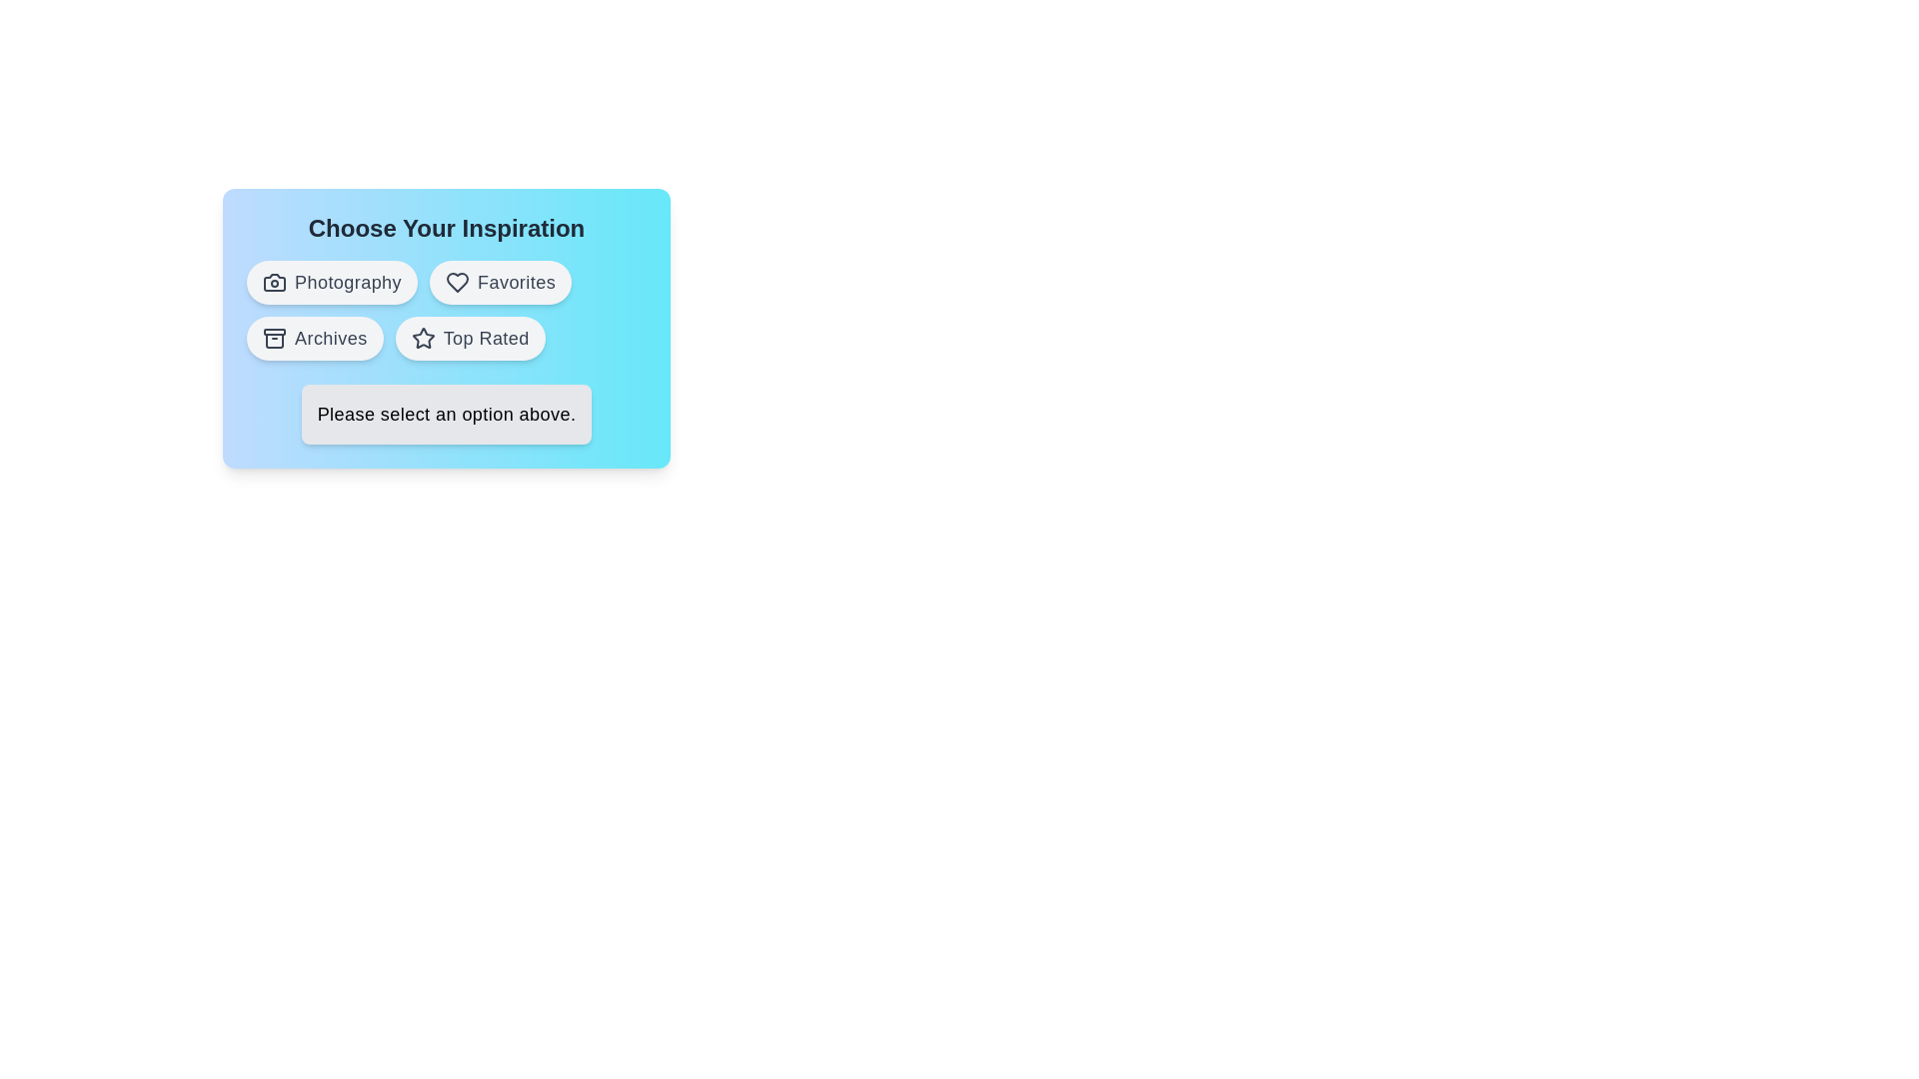 Image resolution: width=1919 pixels, height=1079 pixels. What do you see at coordinates (457, 282) in the screenshot?
I see `the 'Favorites' icon located within the button labeled 'Favorites' in the selection panel 'Choose Your Inspiration'` at bounding box center [457, 282].